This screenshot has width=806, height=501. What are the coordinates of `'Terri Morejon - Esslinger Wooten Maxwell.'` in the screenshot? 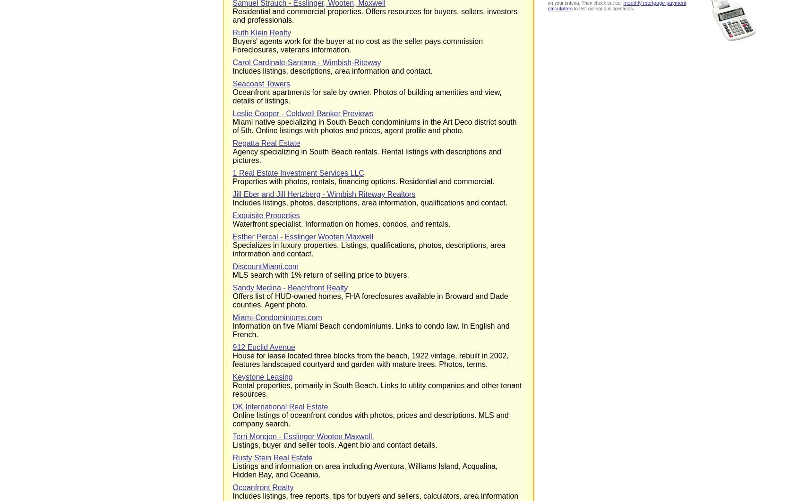 It's located at (302, 436).